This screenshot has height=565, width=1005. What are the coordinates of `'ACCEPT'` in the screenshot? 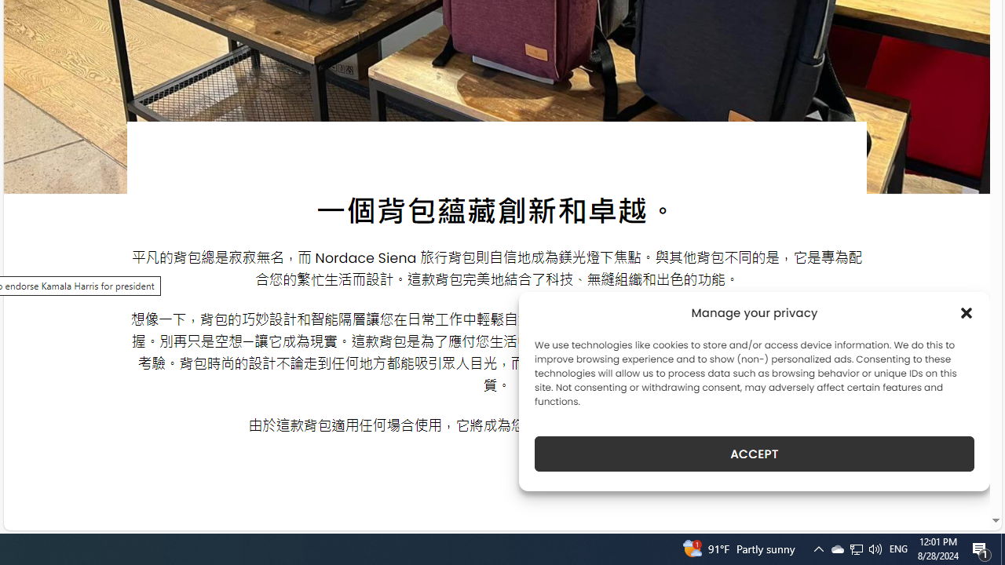 It's located at (755, 454).